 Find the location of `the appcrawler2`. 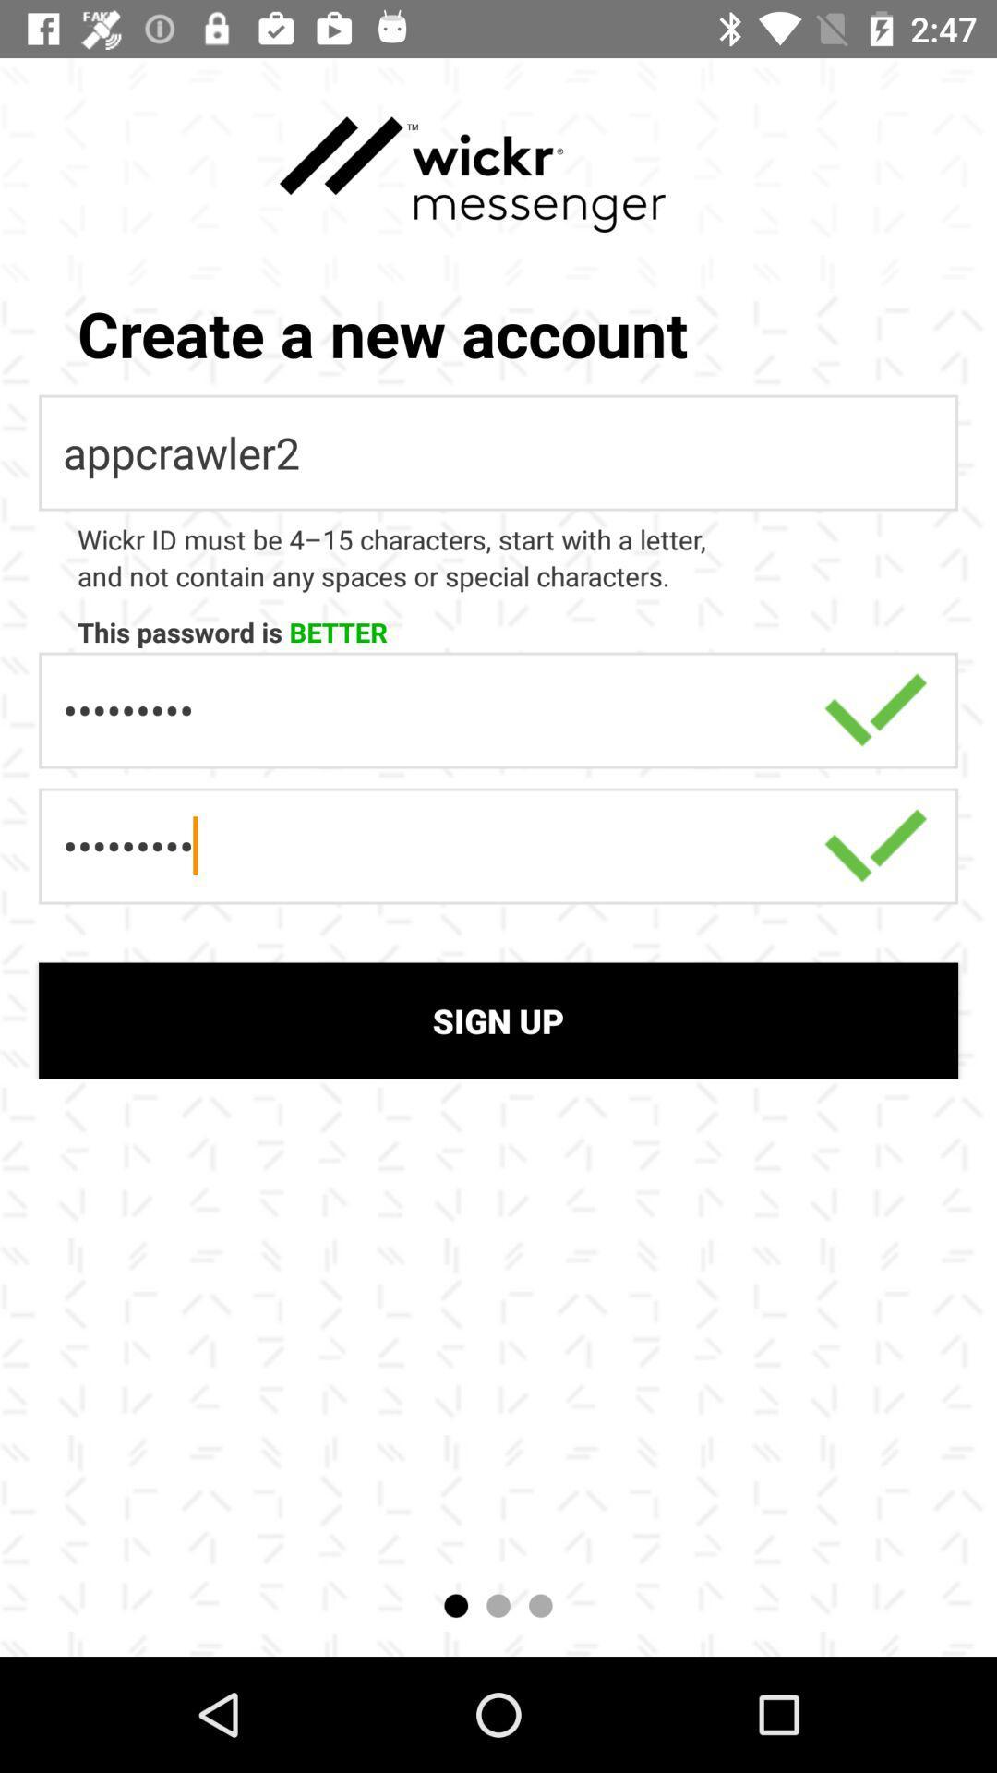

the appcrawler2 is located at coordinates (498, 452).